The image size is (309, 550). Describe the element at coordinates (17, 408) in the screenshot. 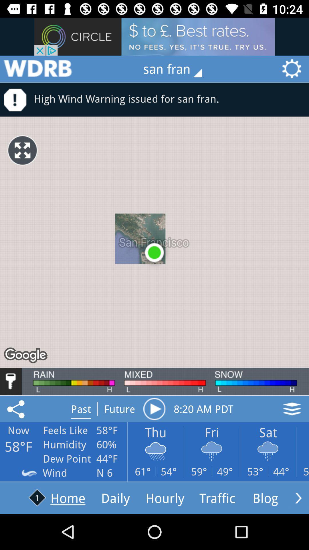

I see `share the location` at that location.